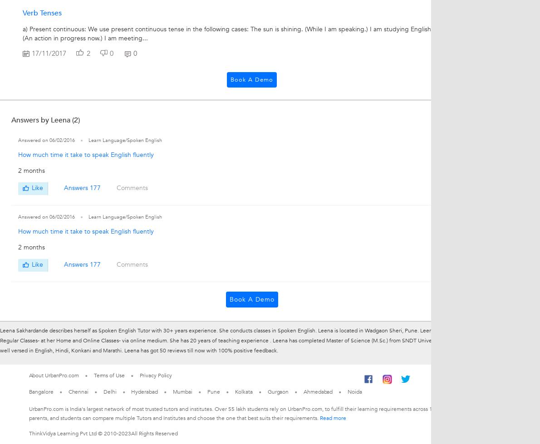 The height and width of the screenshot is (444, 540). I want to click on 'Chennai', so click(77, 390).